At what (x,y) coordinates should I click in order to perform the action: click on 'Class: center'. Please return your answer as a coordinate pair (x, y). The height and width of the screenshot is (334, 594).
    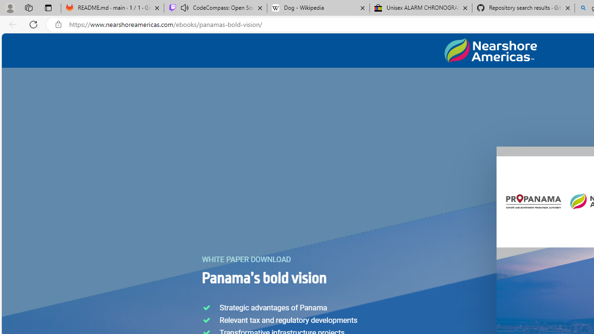
    Looking at the image, I should click on (490, 51).